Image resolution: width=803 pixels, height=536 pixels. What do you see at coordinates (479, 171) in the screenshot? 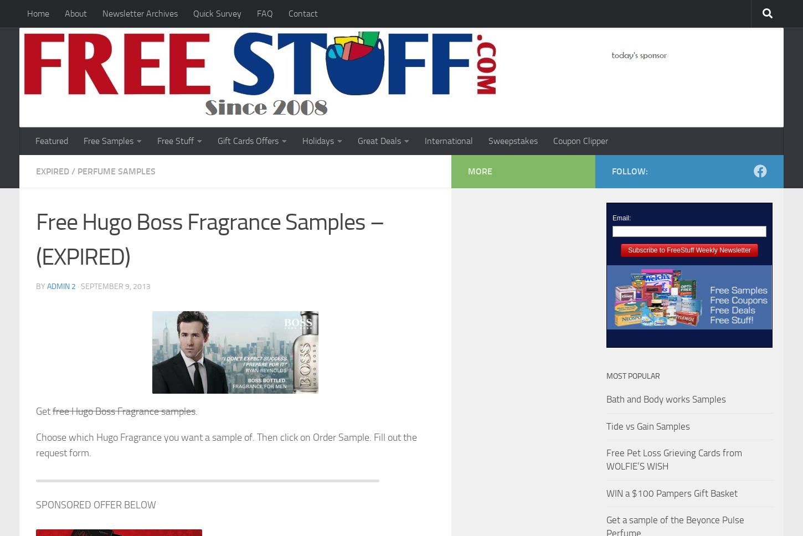
I see `'More'` at bounding box center [479, 171].